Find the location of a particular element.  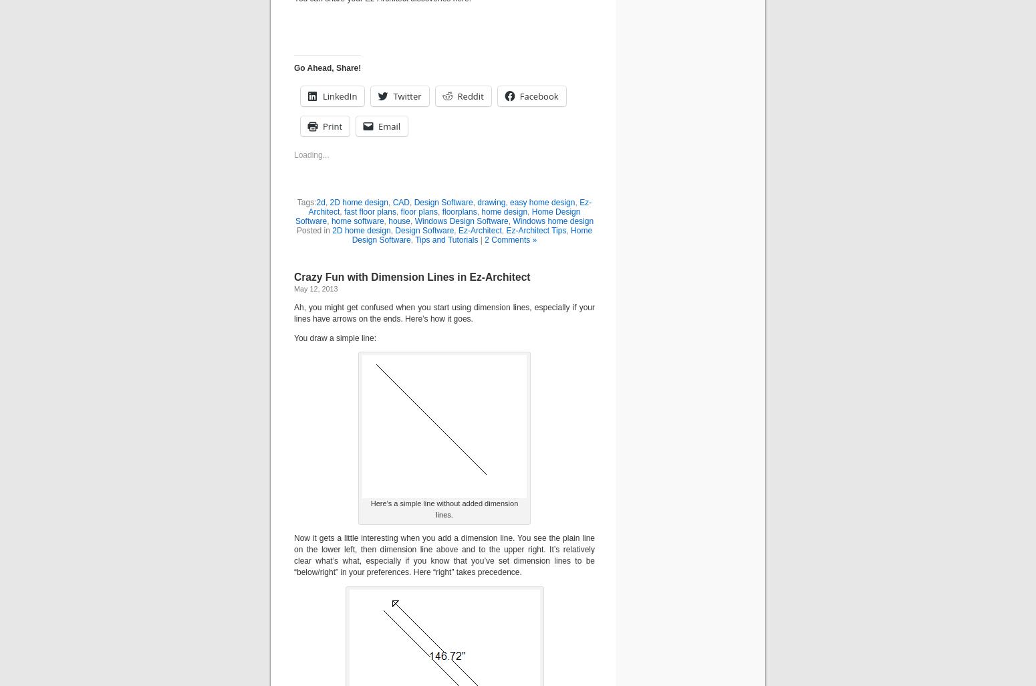

'Crazy Fun with Dimension Lines in Ez-Architect' is located at coordinates (412, 276).